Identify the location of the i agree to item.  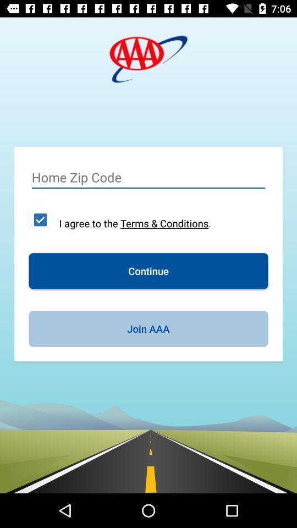
(135, 223).